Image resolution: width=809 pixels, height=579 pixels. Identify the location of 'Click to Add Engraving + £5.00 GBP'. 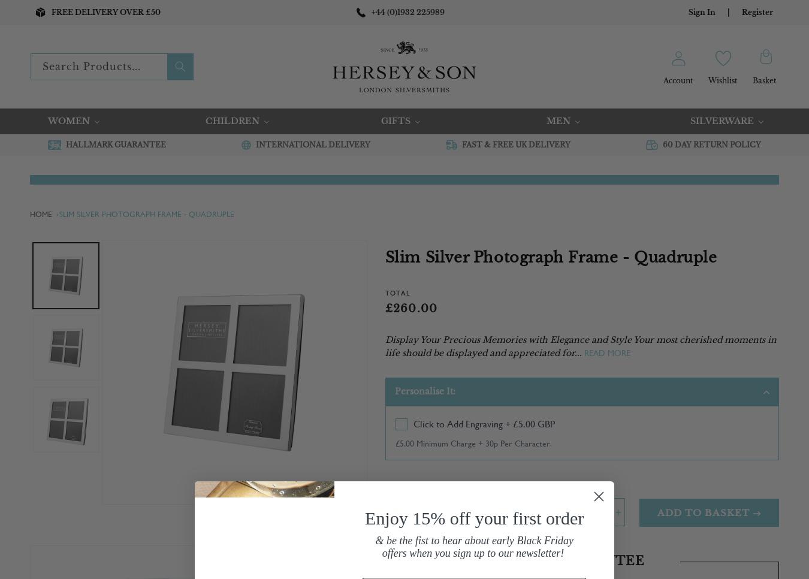
(412, 423).